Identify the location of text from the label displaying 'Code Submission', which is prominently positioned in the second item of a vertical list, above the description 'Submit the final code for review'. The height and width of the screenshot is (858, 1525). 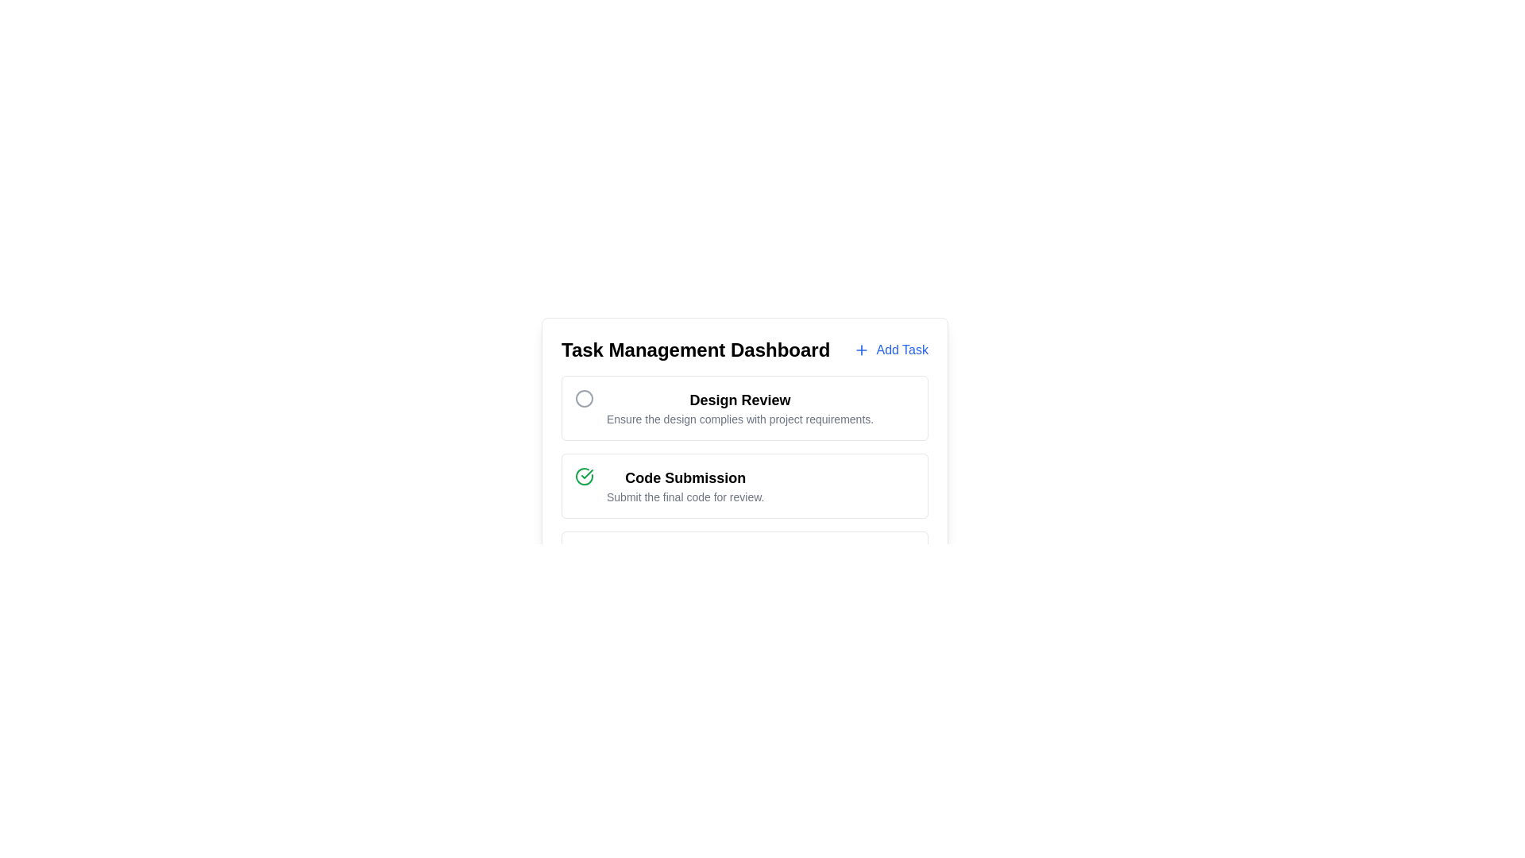
(685, 477).